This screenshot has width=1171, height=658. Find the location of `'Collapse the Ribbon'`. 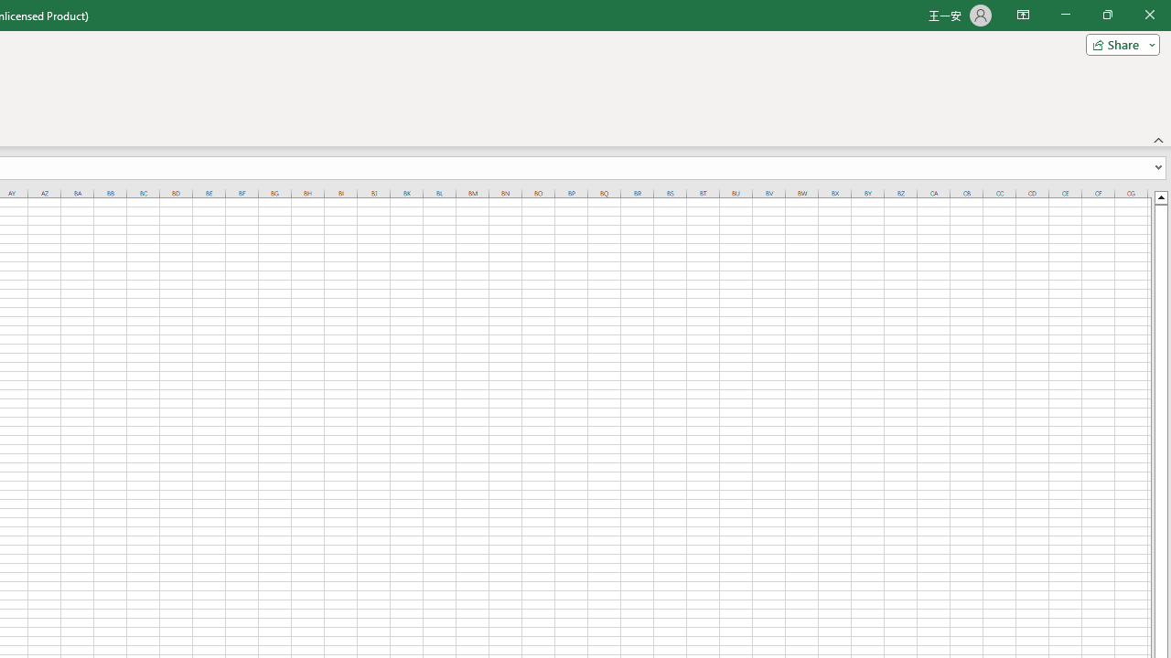

'Collapse the Ribbon' is located at coordinates (1158, 139).